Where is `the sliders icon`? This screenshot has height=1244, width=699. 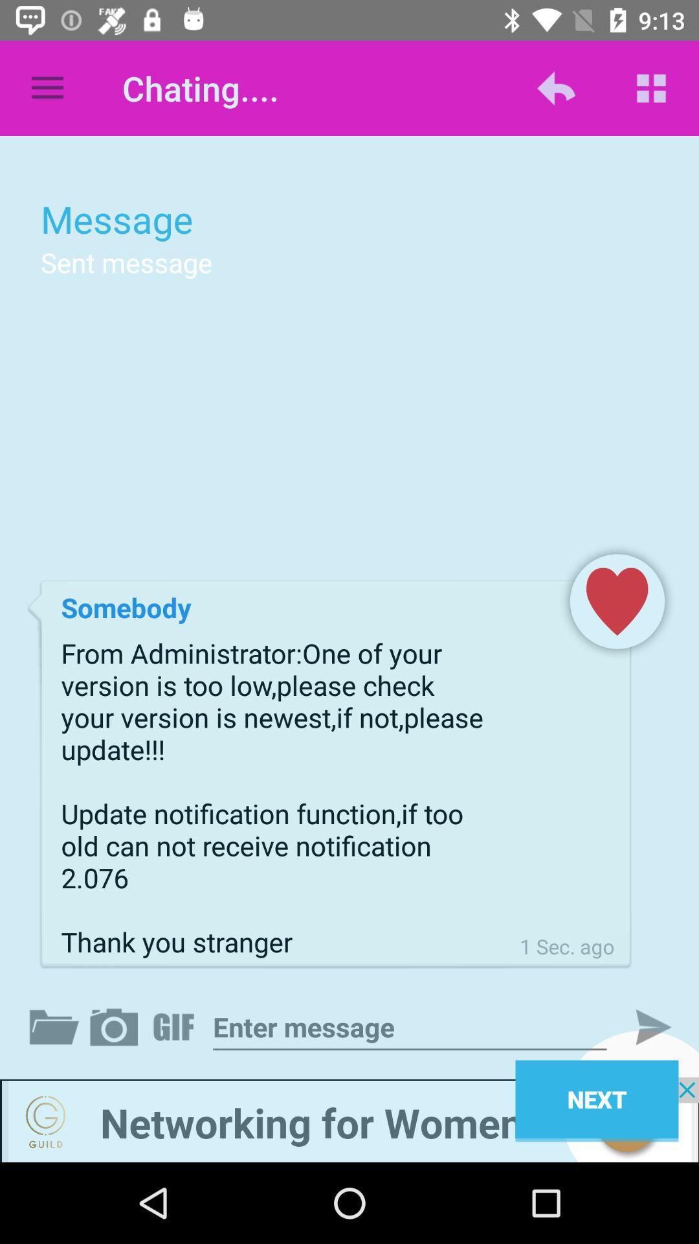 the sliders icon is located at coordinates (176, 1026).